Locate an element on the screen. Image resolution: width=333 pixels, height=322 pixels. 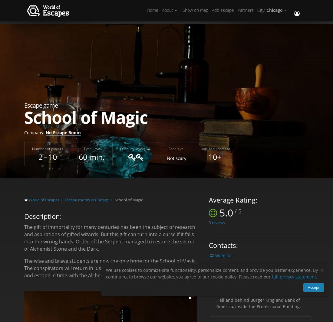
'3' is located at coordinates (209, 222).